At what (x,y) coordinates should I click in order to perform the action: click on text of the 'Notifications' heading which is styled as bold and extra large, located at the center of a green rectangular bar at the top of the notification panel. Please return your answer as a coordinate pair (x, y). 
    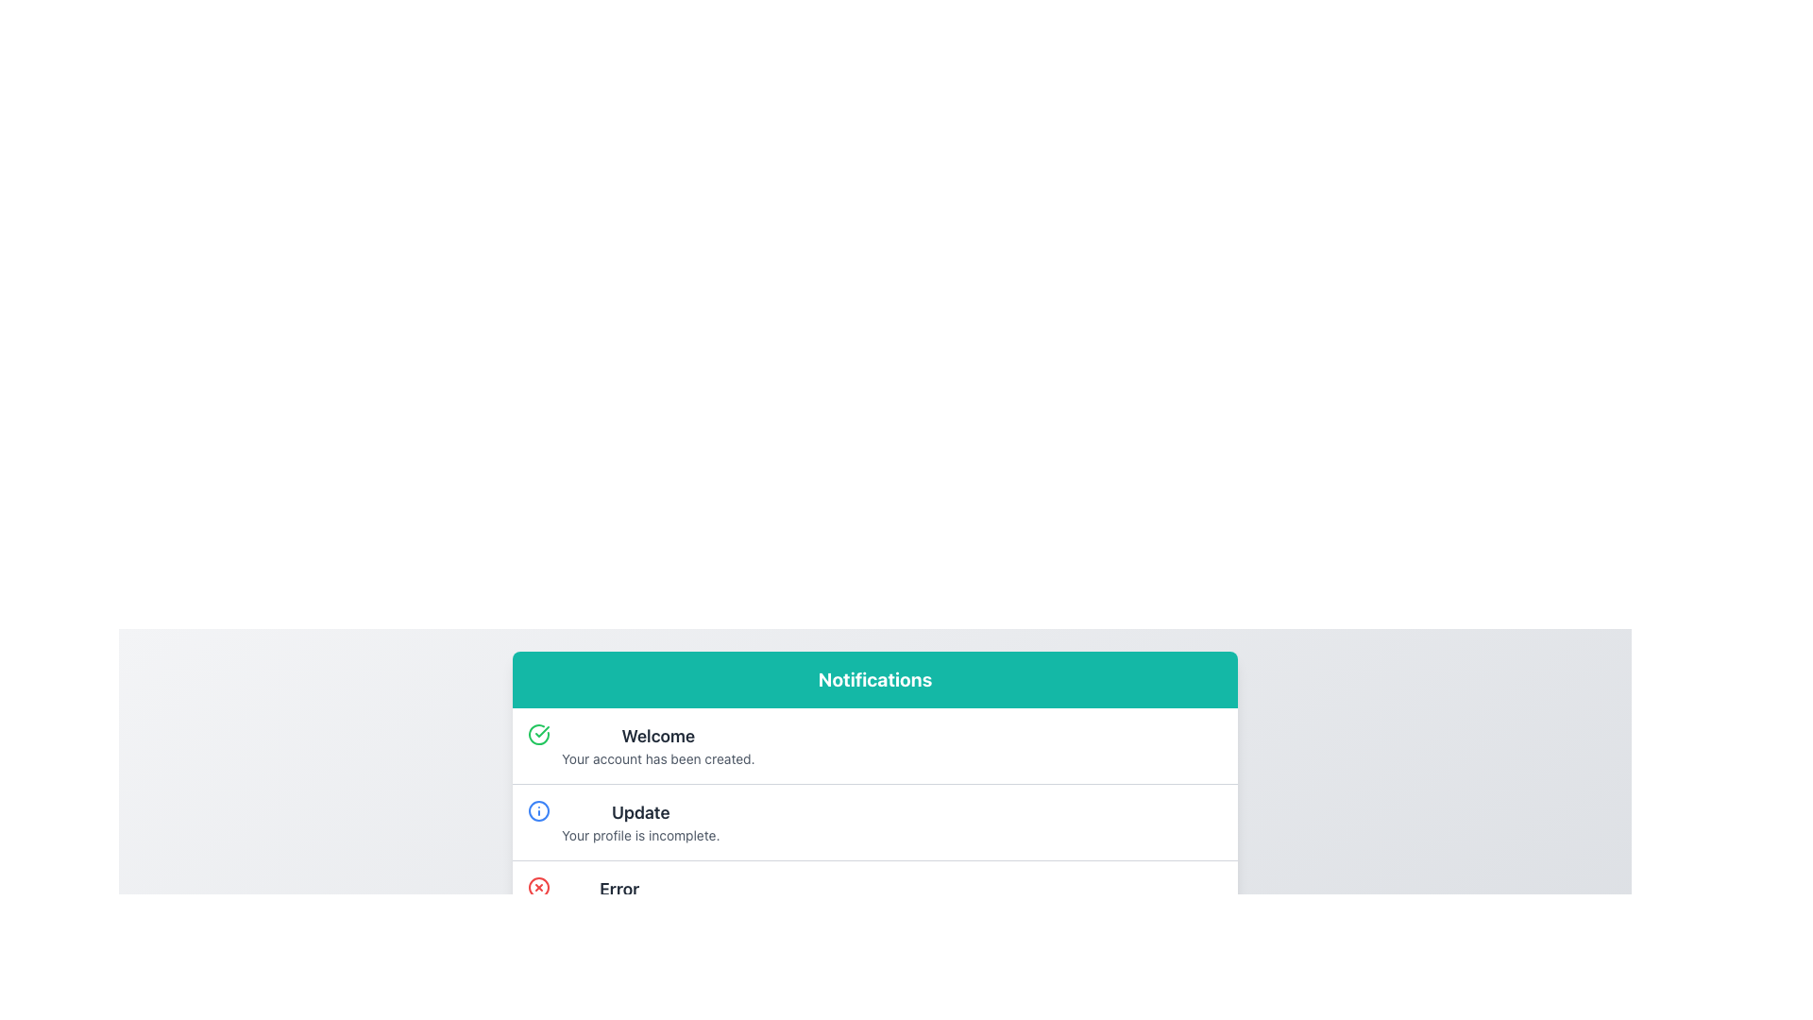
    Looking at the image, I should click on (873, 680).